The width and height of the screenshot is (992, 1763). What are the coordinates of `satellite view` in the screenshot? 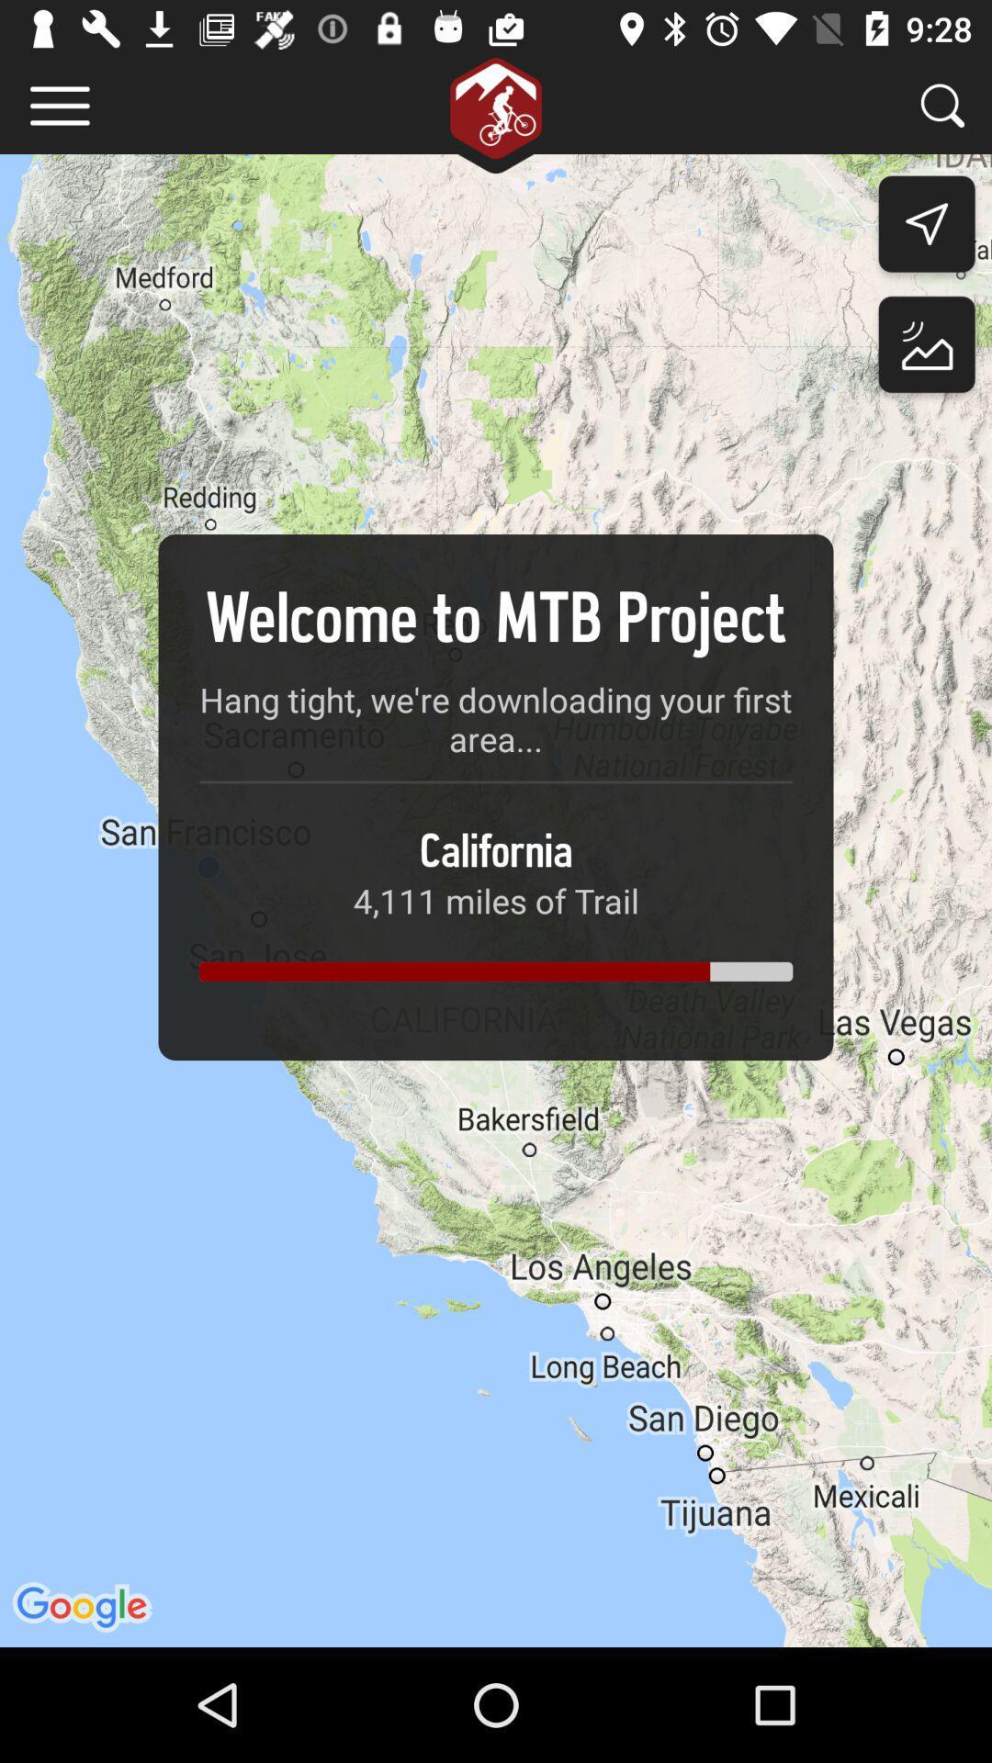 It's located at (927, 349).